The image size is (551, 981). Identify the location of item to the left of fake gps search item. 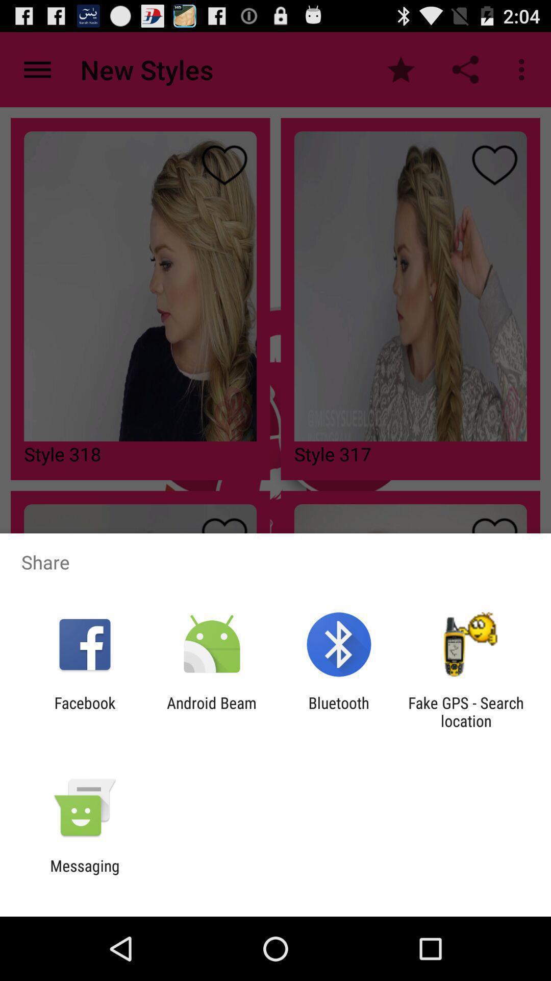
(339, 711).